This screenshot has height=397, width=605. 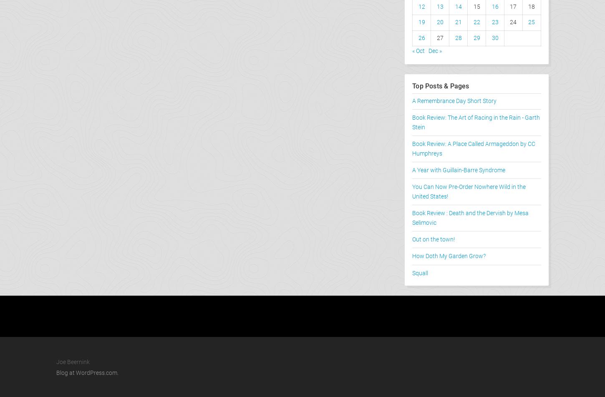 I want to click on '28', so click(x=454, y=38).